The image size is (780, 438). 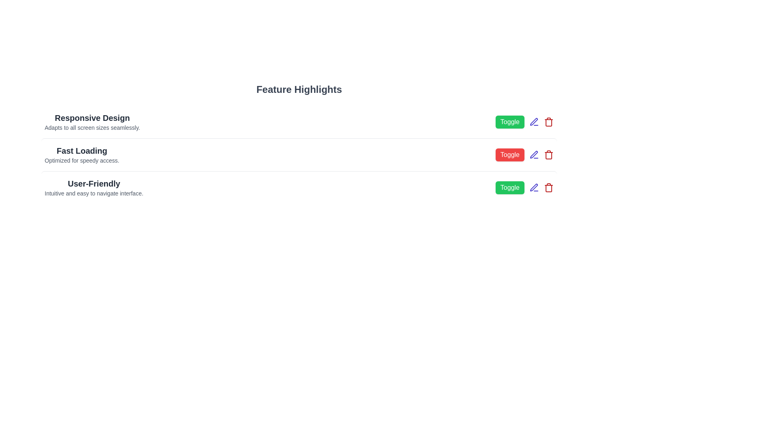 What do you see at coordinates (534, 187) in the screenshot?
I see `the edit button for the feature named User-Friendly` at bounding box center [534, 187].